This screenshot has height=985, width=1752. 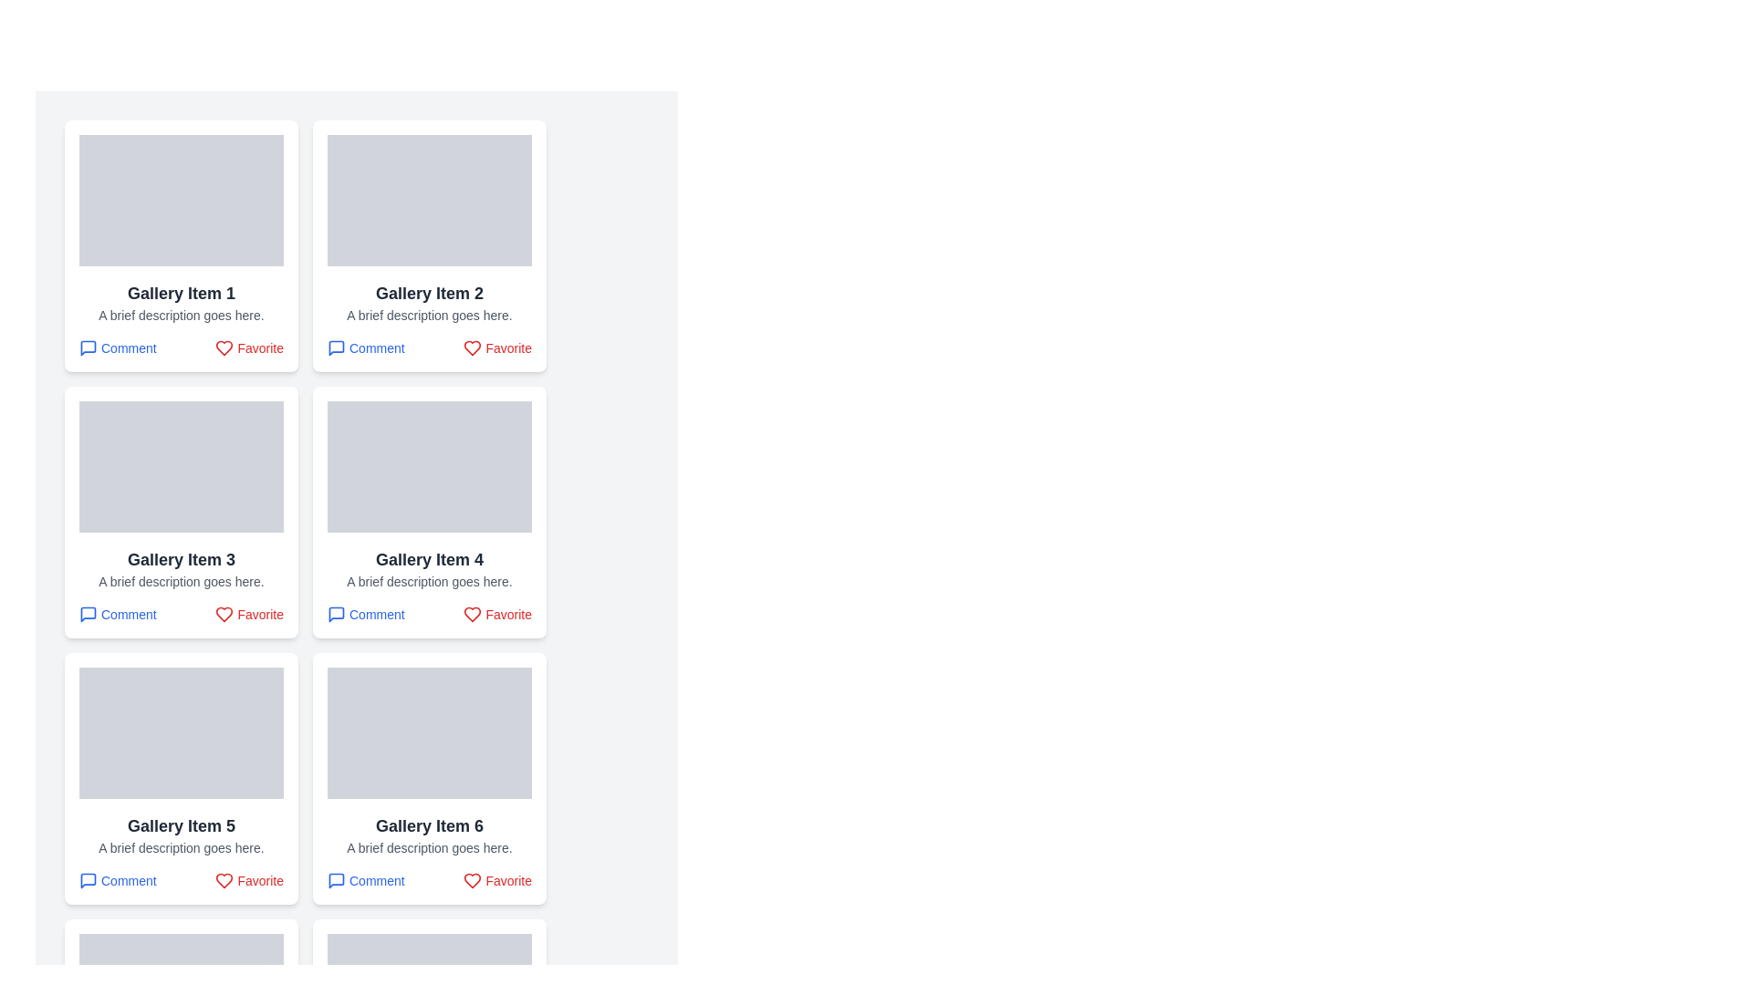 What do you see at coordinates (428, 558) in the screenshot?
I see `the text label 'Gallery Item 4'` at bounding box center [428, 558].